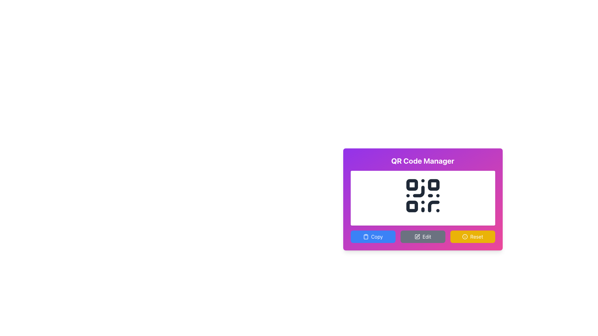  What do you see at coordinates (472, 236) in the screenshot?
I see `the yellow 'Reset' button located at the bottom of the interface, which is the third button from the left, to trigger hover effects` at bounding box center [472, 236].